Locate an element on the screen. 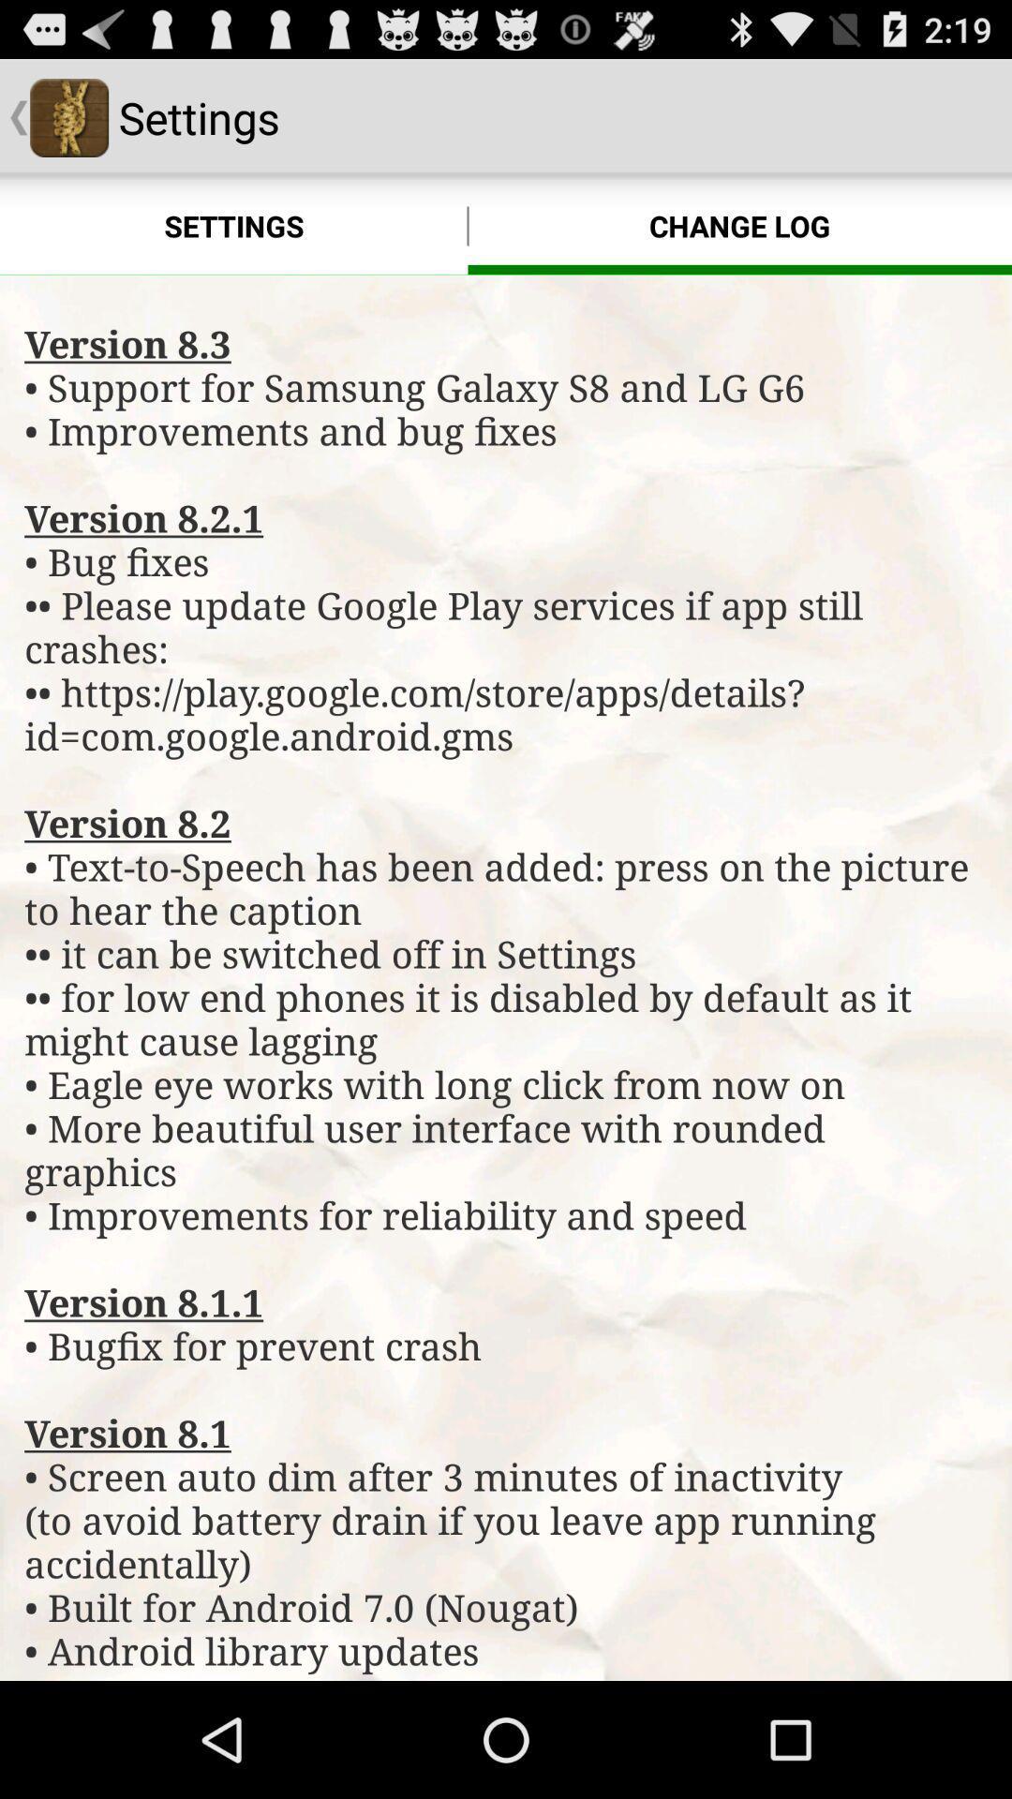 This screenshot has height=1799, width=1012. change log icon is located at coordinates (738, 225).